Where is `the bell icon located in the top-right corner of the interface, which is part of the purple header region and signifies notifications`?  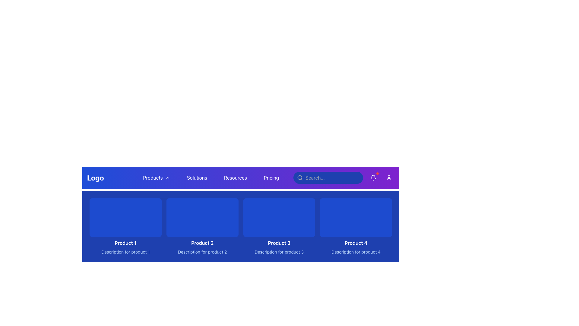 the bell icon located in the top-right corner of the interface, which is part of the purple header region and signifies notifications is located at coordinates (373, 177).